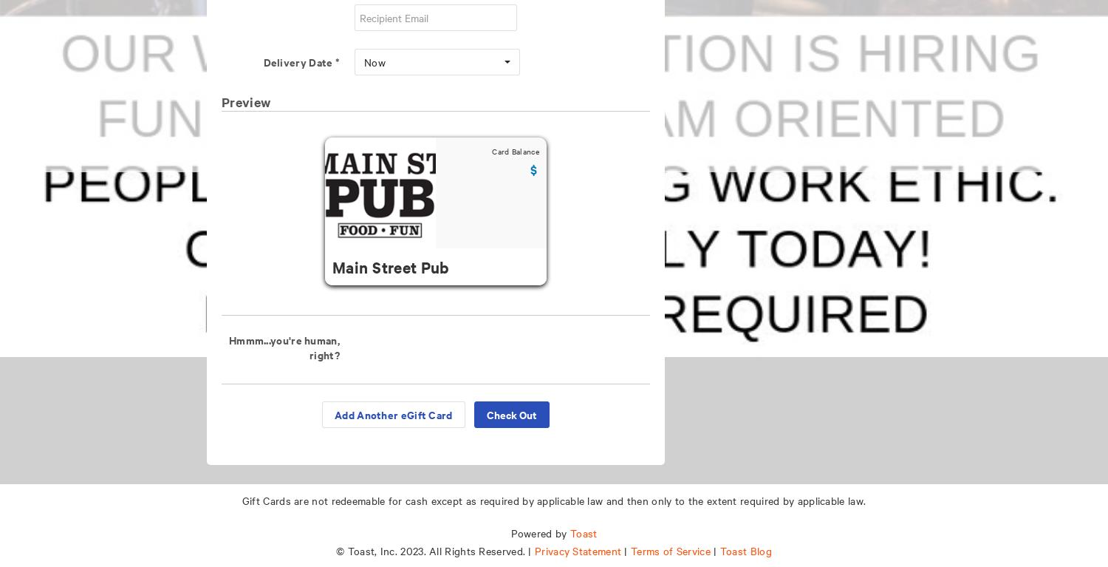 This screenshot has height=567, width=1108. What do you see at coordinates (514, 151) in the screenshot?
I see `'Card Balance'` at bounding box center [514, 151].